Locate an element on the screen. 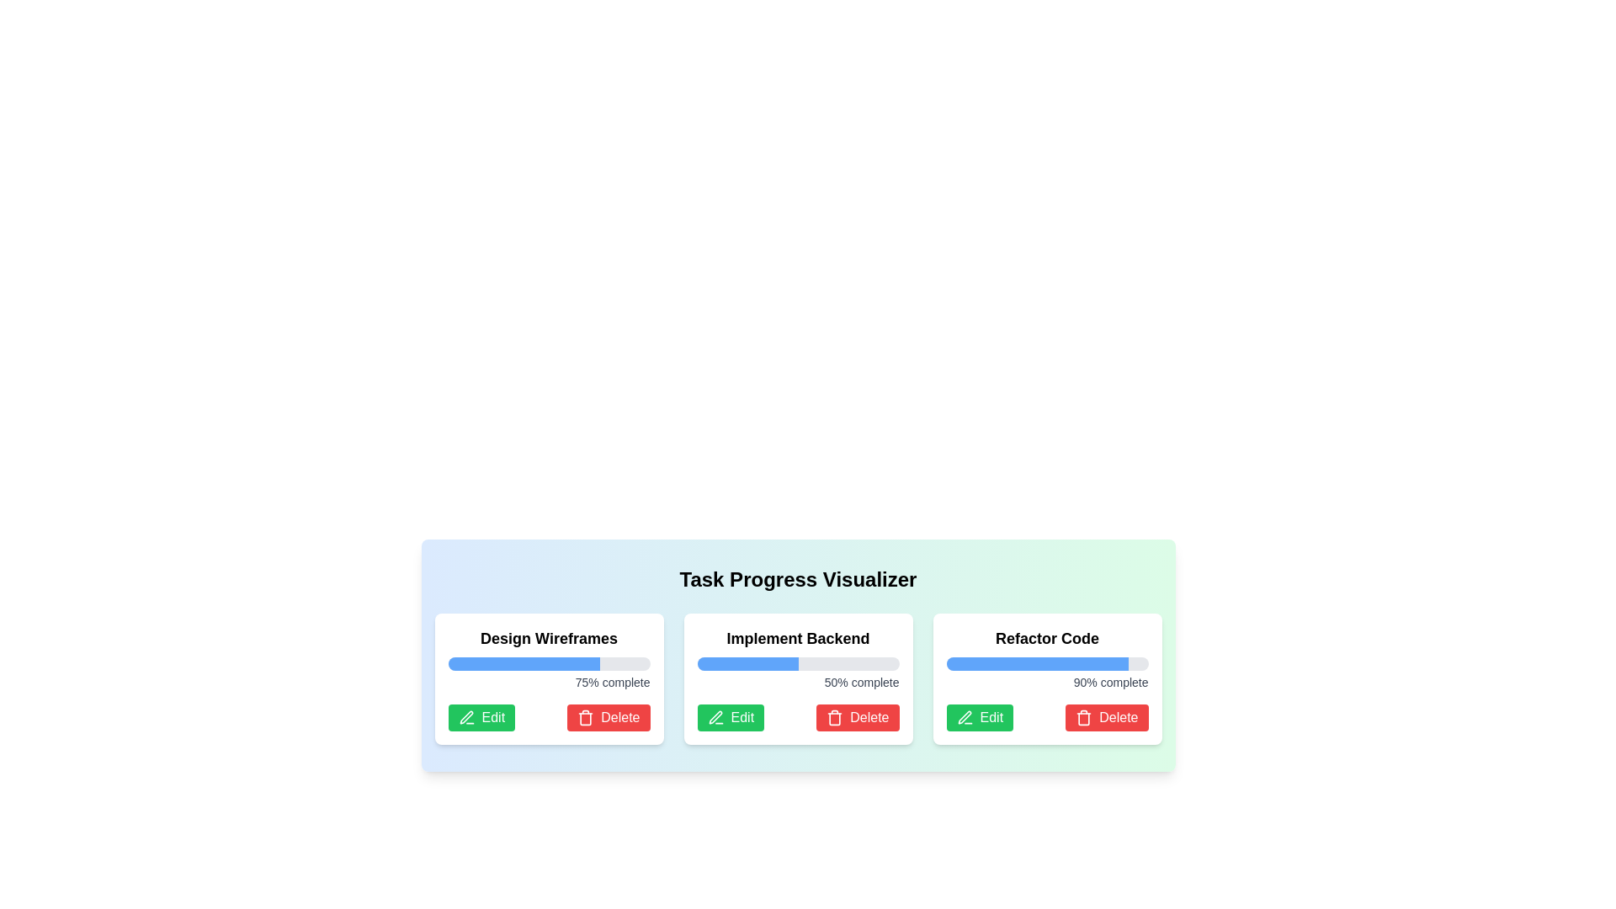 This screenshot has width=1616, height=909. the Progress Bar indicating 90% completion, located within the 'Refactor Code' card, positioned below the title and above the '90% complete' text is located at coordinates (1046, 663).